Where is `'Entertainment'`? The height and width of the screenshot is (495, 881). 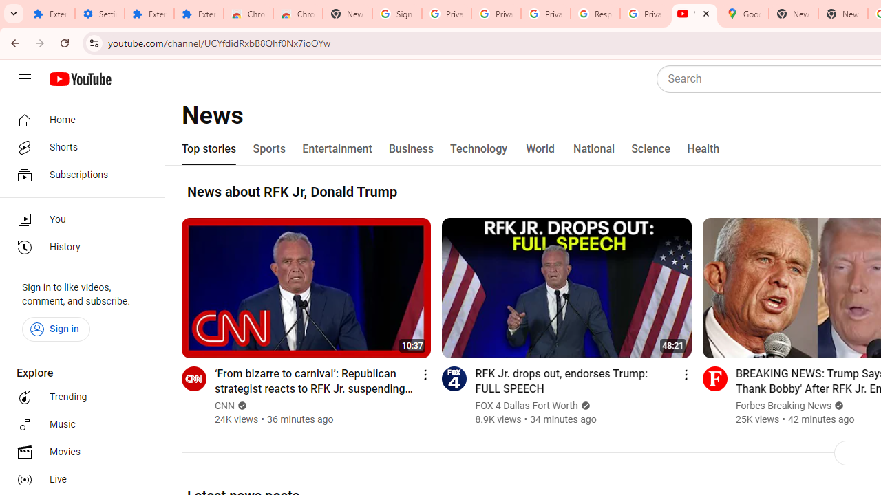
'Entertainment' is located at coordinates (337, 149).